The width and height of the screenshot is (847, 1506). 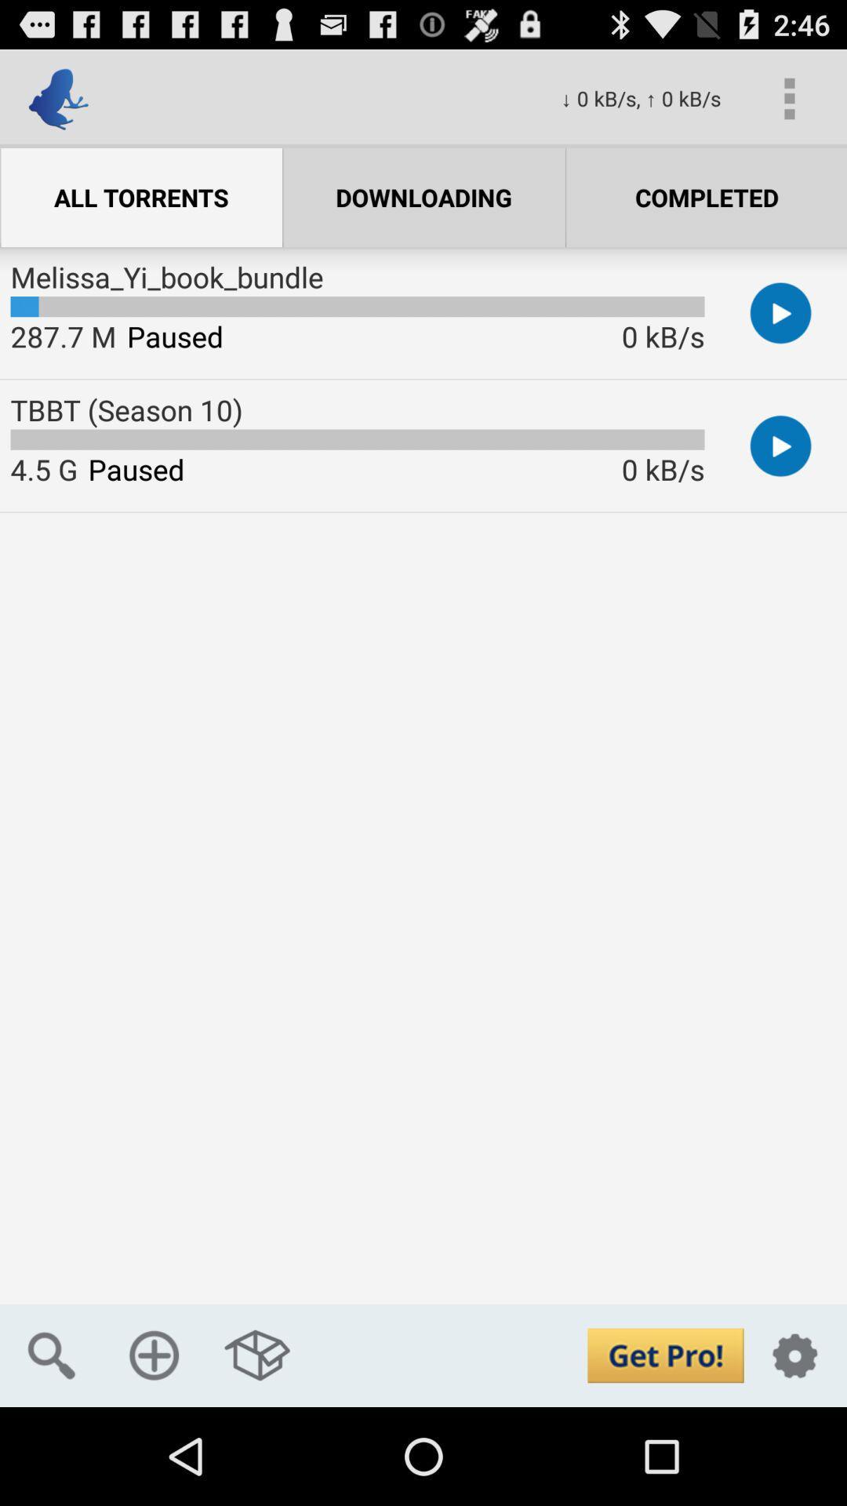 I want to click on the item to the right of 0 kb s item, so click(x=789, y=97).